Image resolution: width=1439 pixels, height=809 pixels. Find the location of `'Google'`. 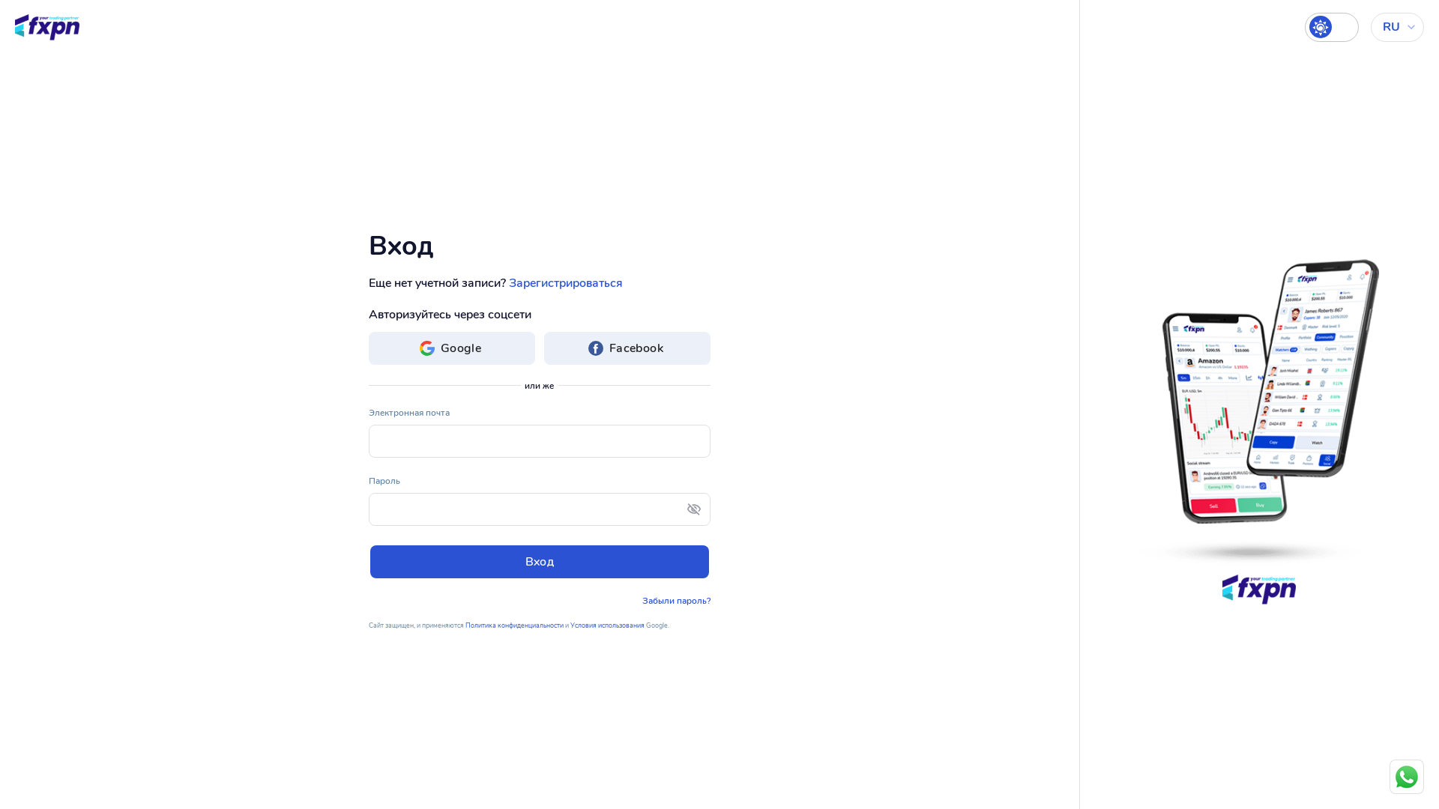

'Google' is located at coordinates (451, 348).